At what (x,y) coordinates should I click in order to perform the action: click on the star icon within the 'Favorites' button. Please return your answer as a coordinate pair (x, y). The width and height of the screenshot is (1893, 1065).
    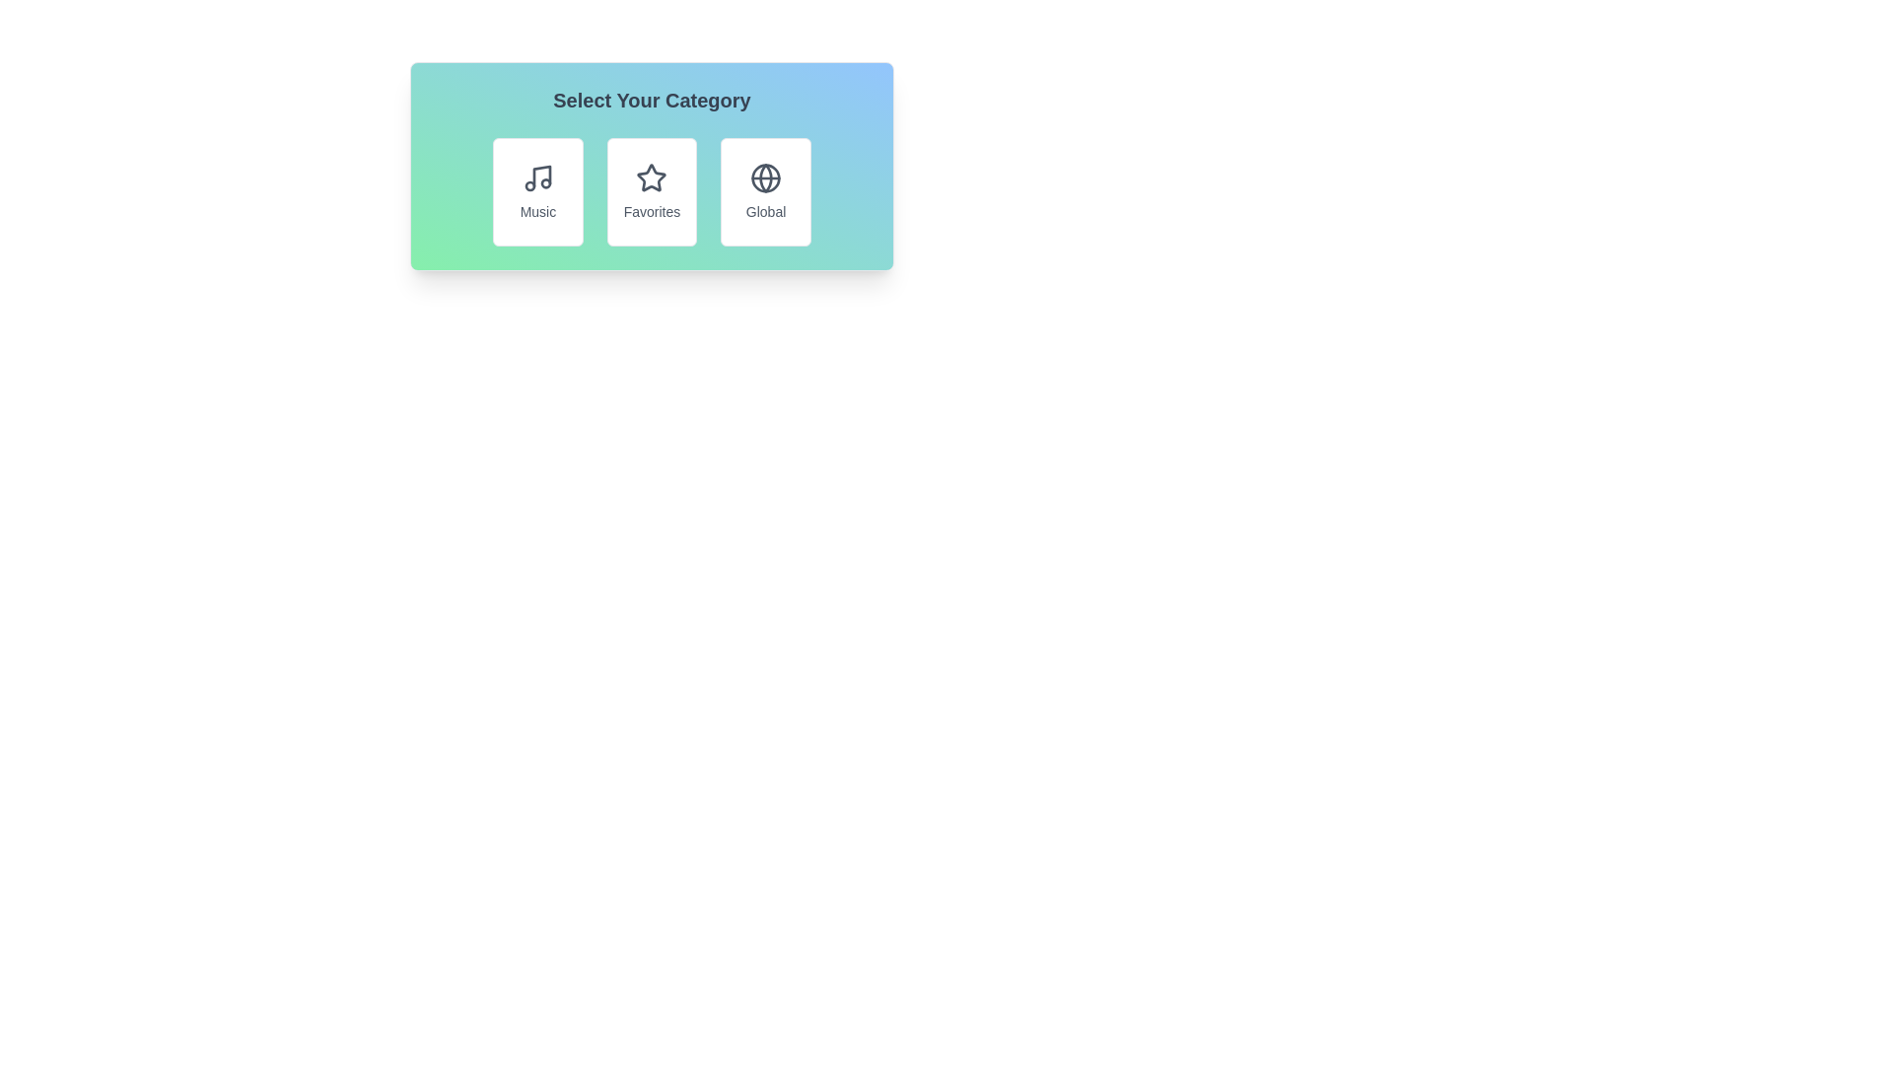
    Looking at the image, I should click on (652, 178).